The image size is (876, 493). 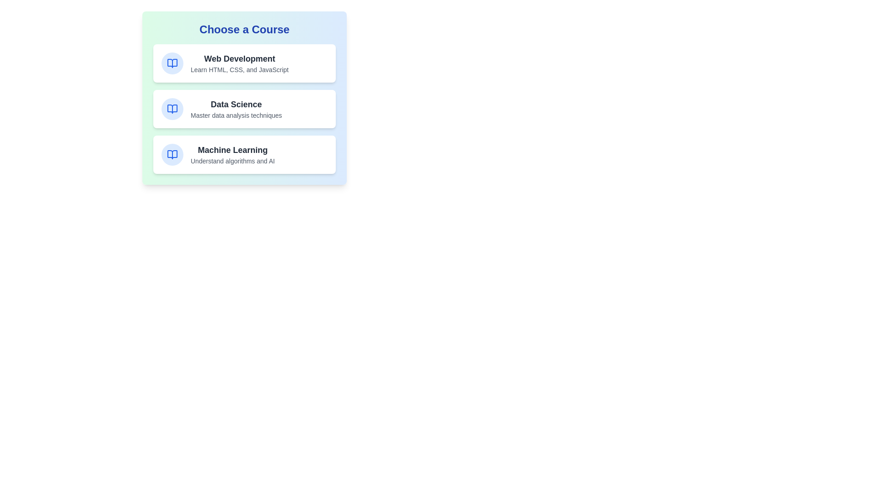 I want to click on the SVG icon representing the 'Web Development' course option, which is located to the left of the course title in the 'Choose a Course' section, so click(x=172, y=63).